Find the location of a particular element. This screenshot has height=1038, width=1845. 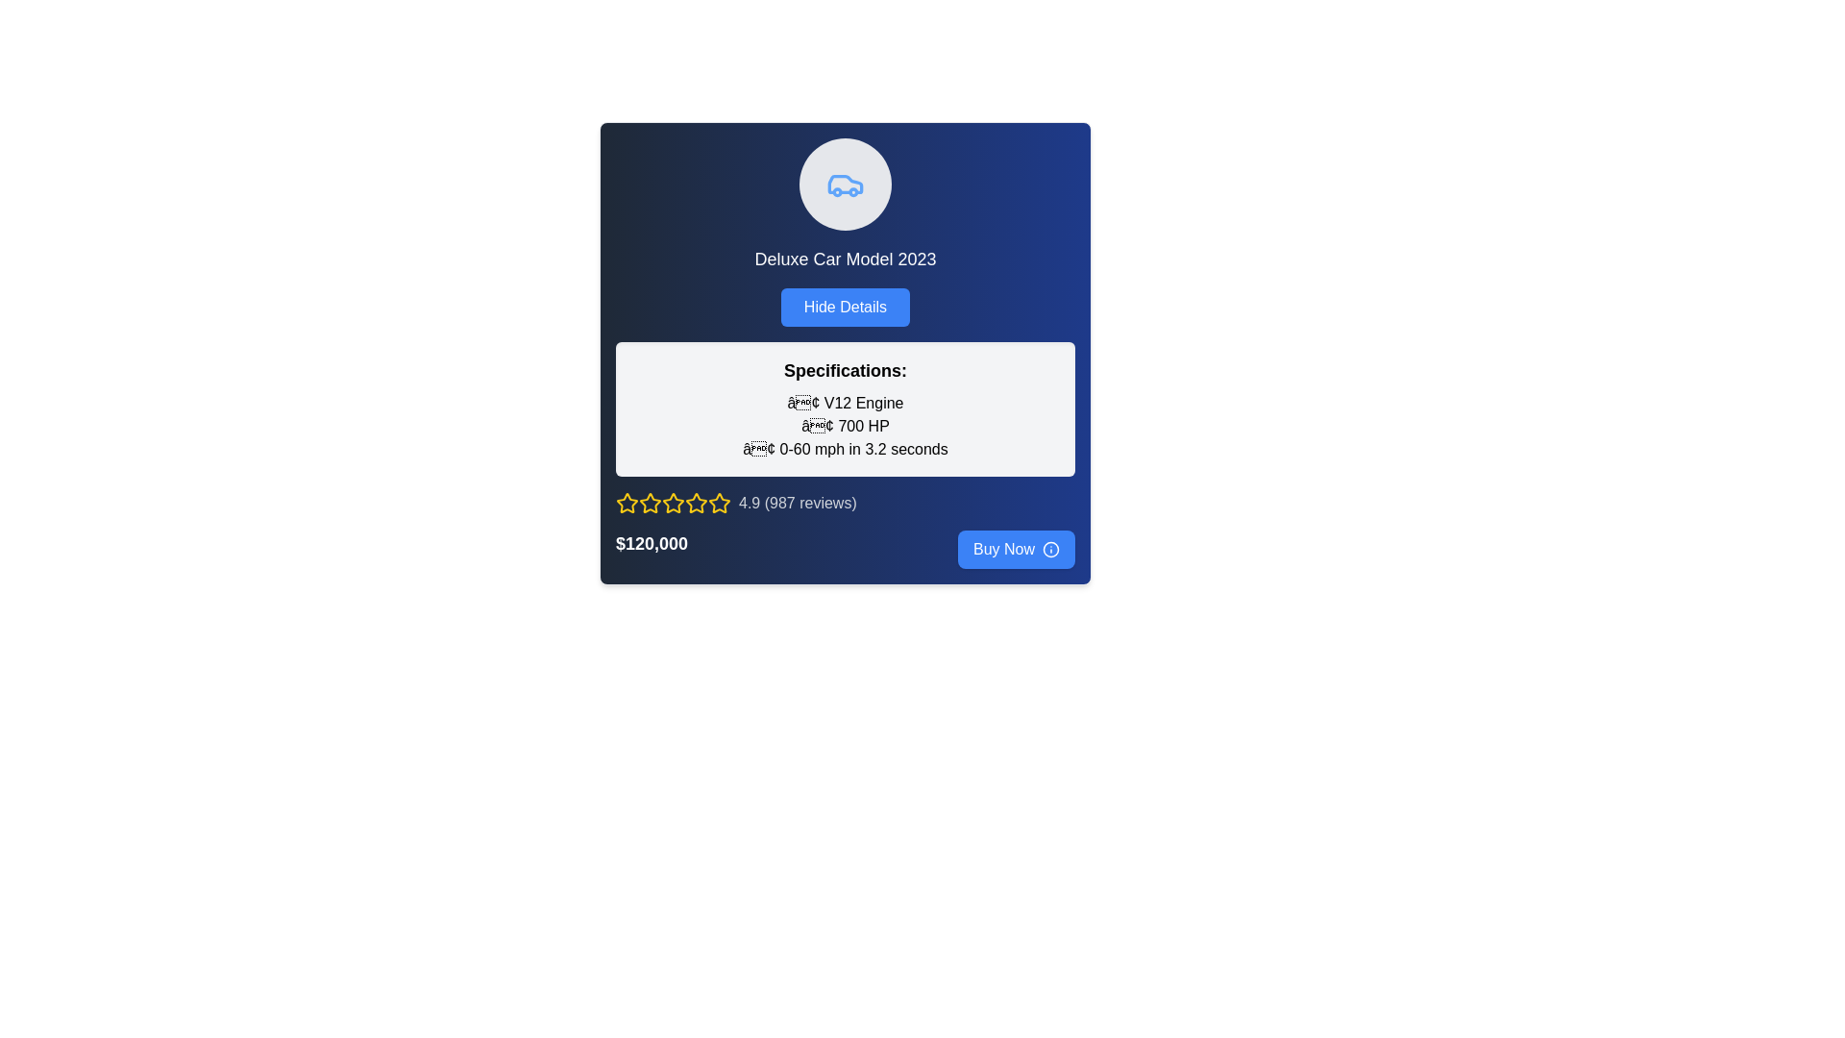

the fifth yellow rating star icon located in a row of star icons under the 'Specifications' section to rate it is located at coordinates (718, 503).